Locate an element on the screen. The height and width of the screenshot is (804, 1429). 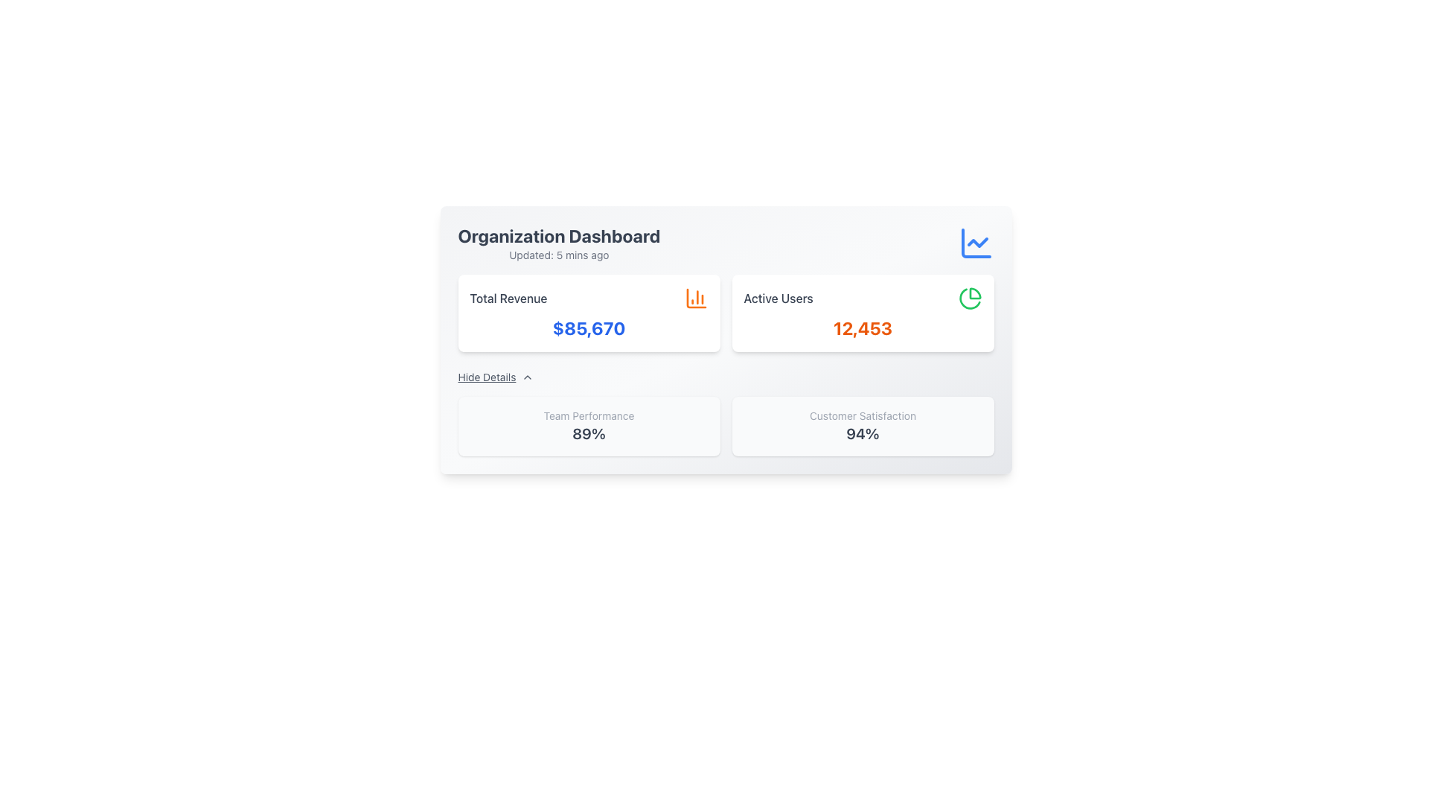
title text heading 'Organization Dashboard' which is prominently displayed at the top of the interface in bold, extra-large, dark gray font is located at coordinates (558, 234).